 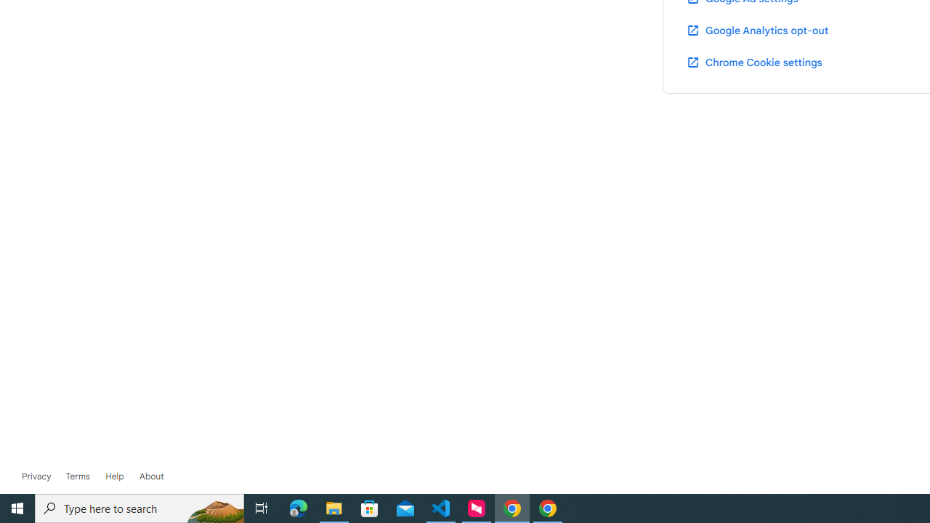 What do you see at coordinates (754, 61) in the screenshot?
I see `'Chrome Cookie settings'` at bounding box center [754, 61].